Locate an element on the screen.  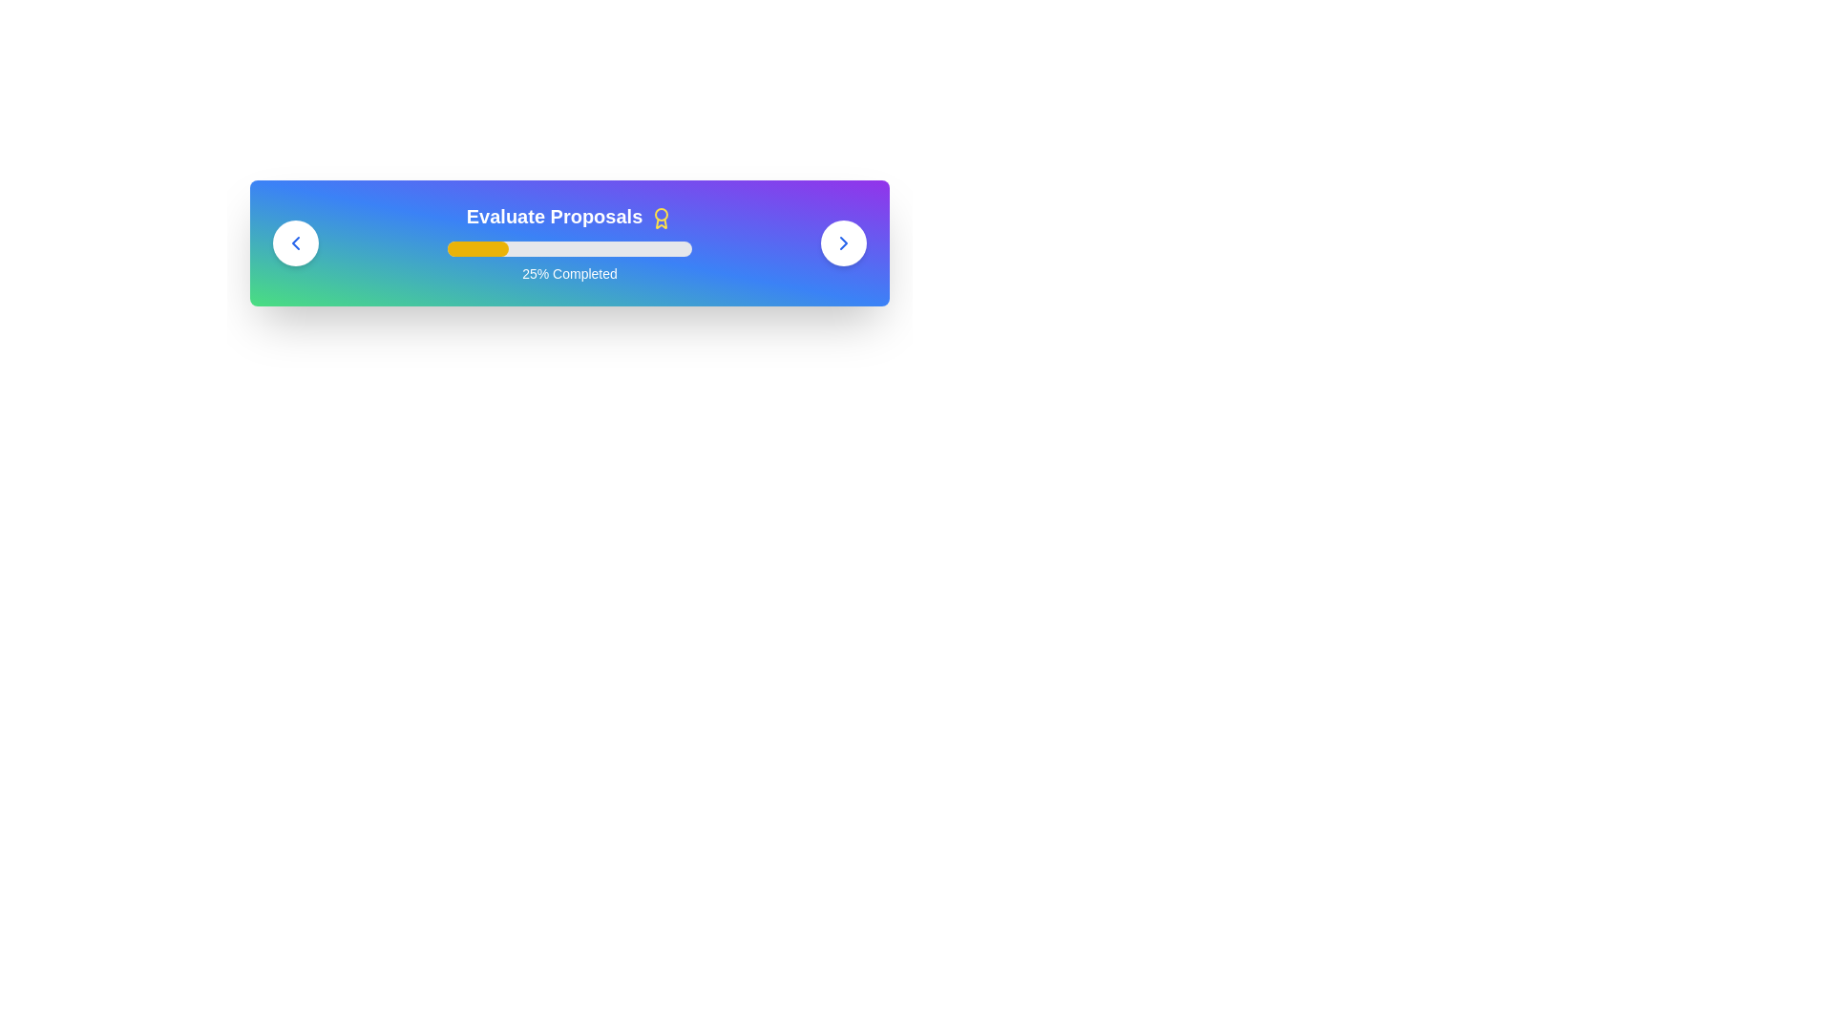
the rightmost circular navigation button with a blue chevron arrow is located at coordinates (842, 242).